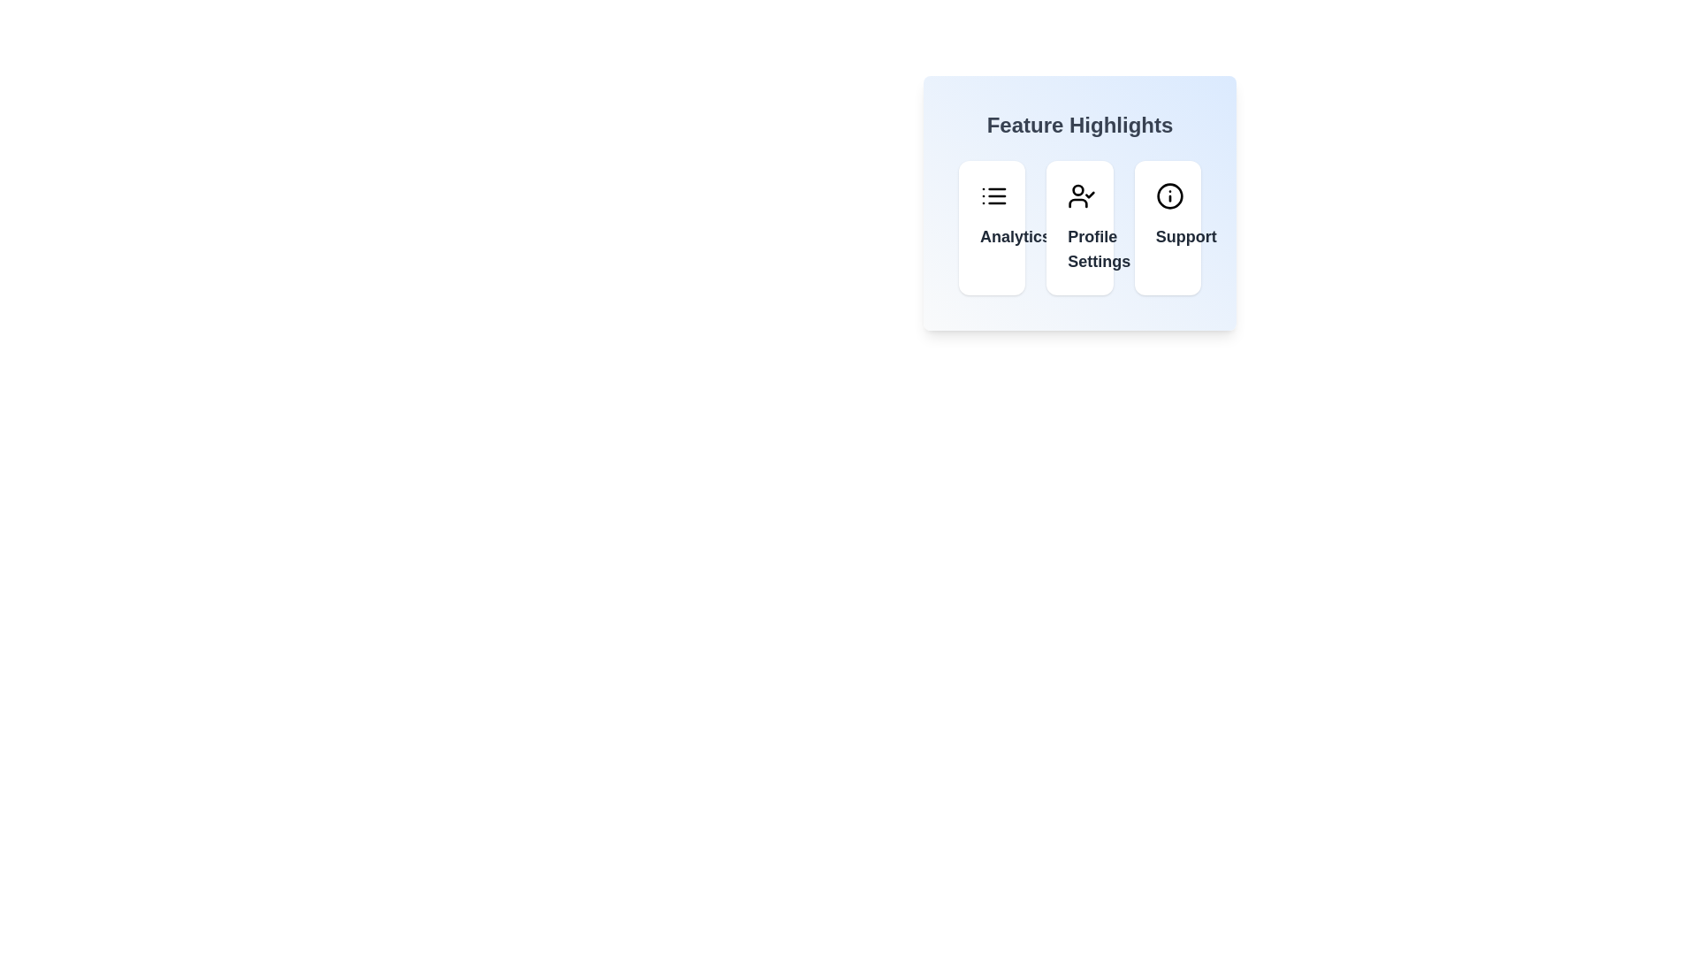 The height and width of the screenshot is (955, 1697). Describe the element at coordinates (992, 227) in the screenshot. I see `the leftmost card in the navigation section` at that location.